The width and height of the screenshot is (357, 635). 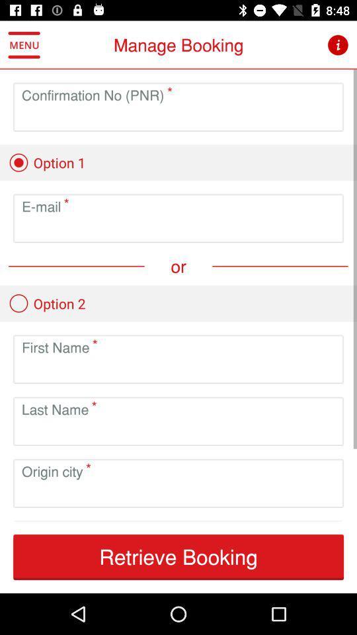 I want to click on confirmation number, so click(x=178, y=116).